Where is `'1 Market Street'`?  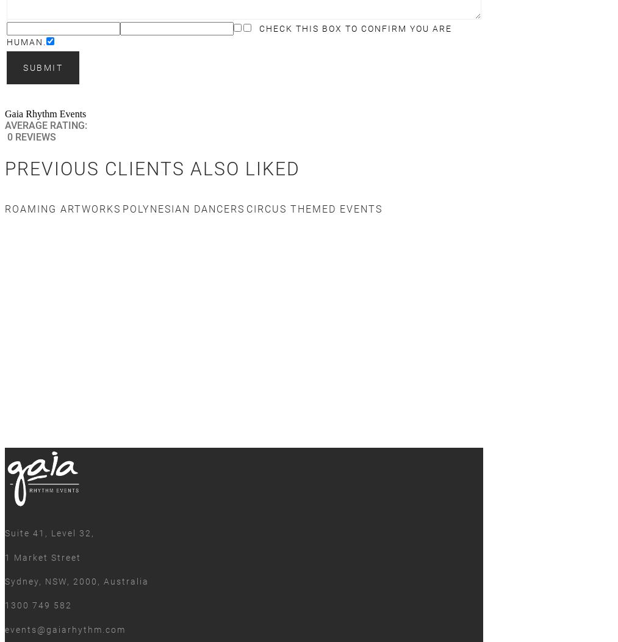
'1 Market Street' is located at coordinates (42, 556).